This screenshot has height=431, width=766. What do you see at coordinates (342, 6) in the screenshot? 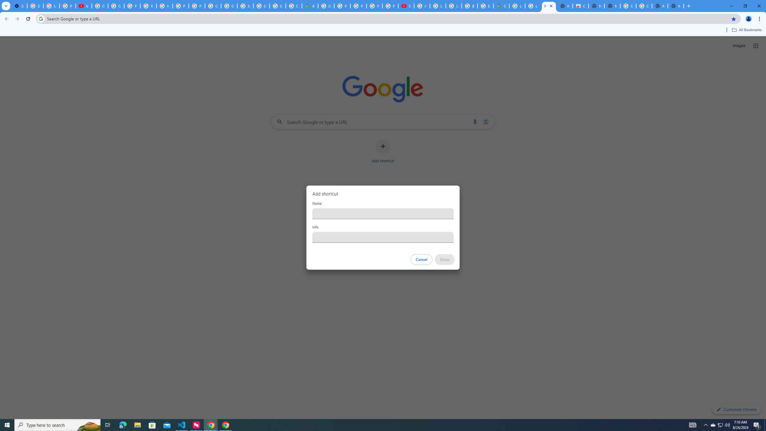
I see `'Privacy Help Center - Policies Help'` at bounding box center [342, 6].